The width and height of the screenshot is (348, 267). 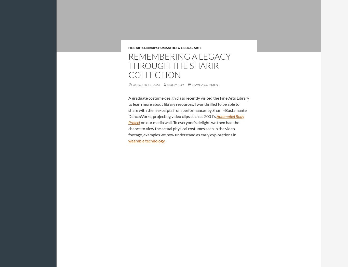 I want to click on '.', so click(x=165, y=140).